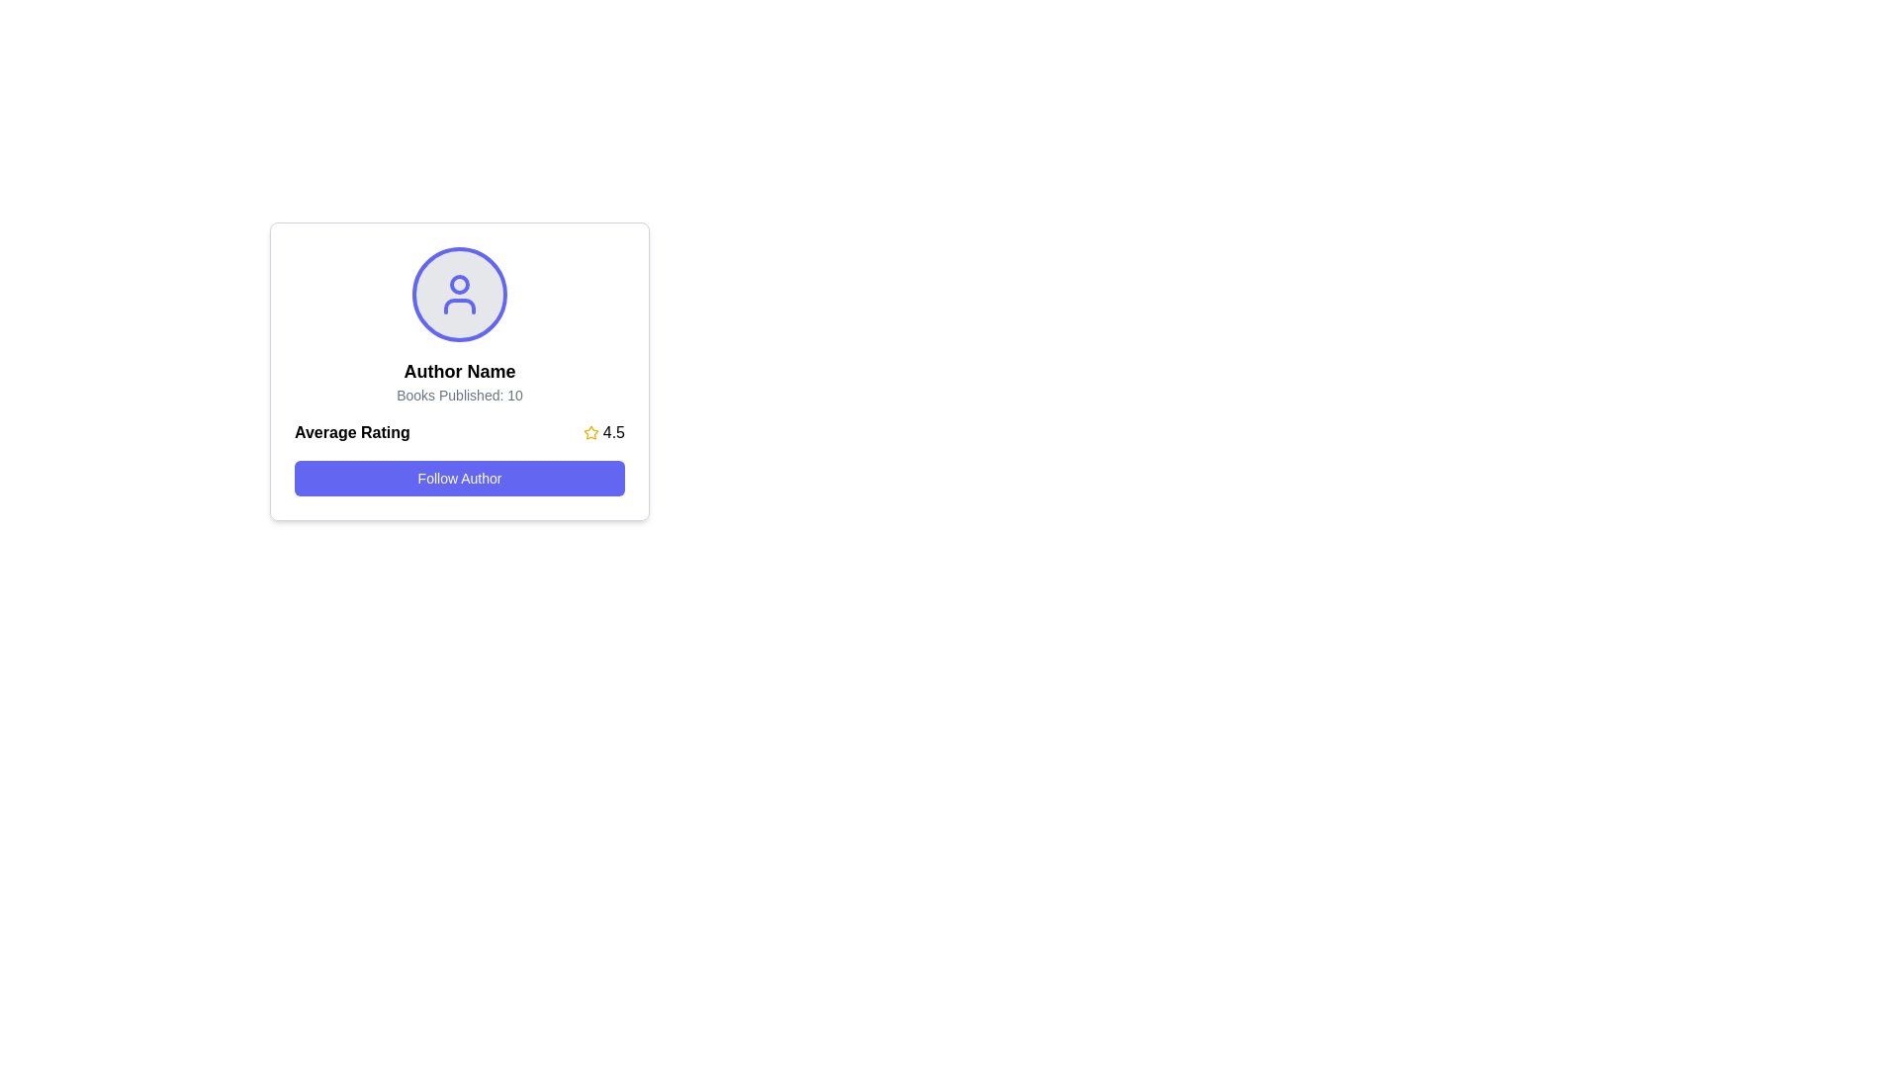 This screenshot has width=1899, height=1068. I want to click on the text label displaying 'Books Published: 10' which is located directly beneath the 'Author Name' heading in the profile card, so click(459, 396).